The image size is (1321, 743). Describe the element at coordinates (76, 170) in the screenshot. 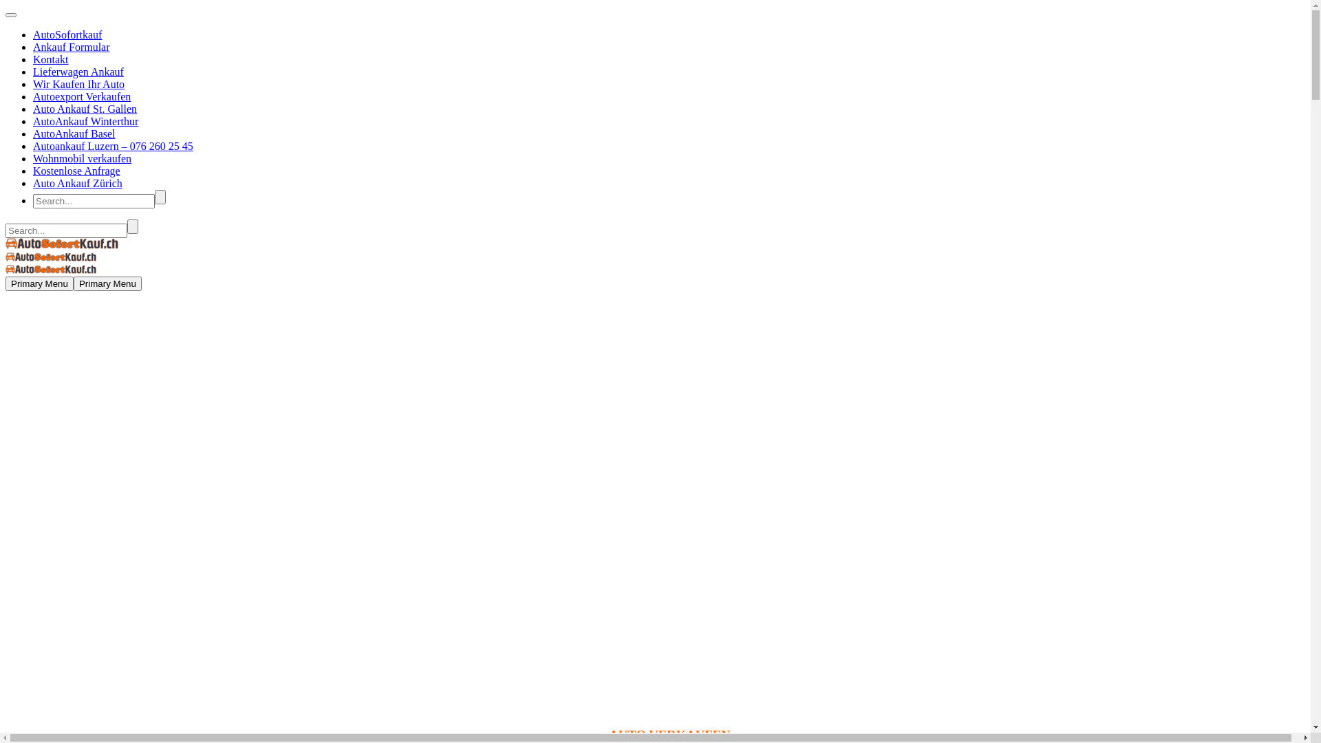

I see `'Kostenlose Anfrage'` at that location.